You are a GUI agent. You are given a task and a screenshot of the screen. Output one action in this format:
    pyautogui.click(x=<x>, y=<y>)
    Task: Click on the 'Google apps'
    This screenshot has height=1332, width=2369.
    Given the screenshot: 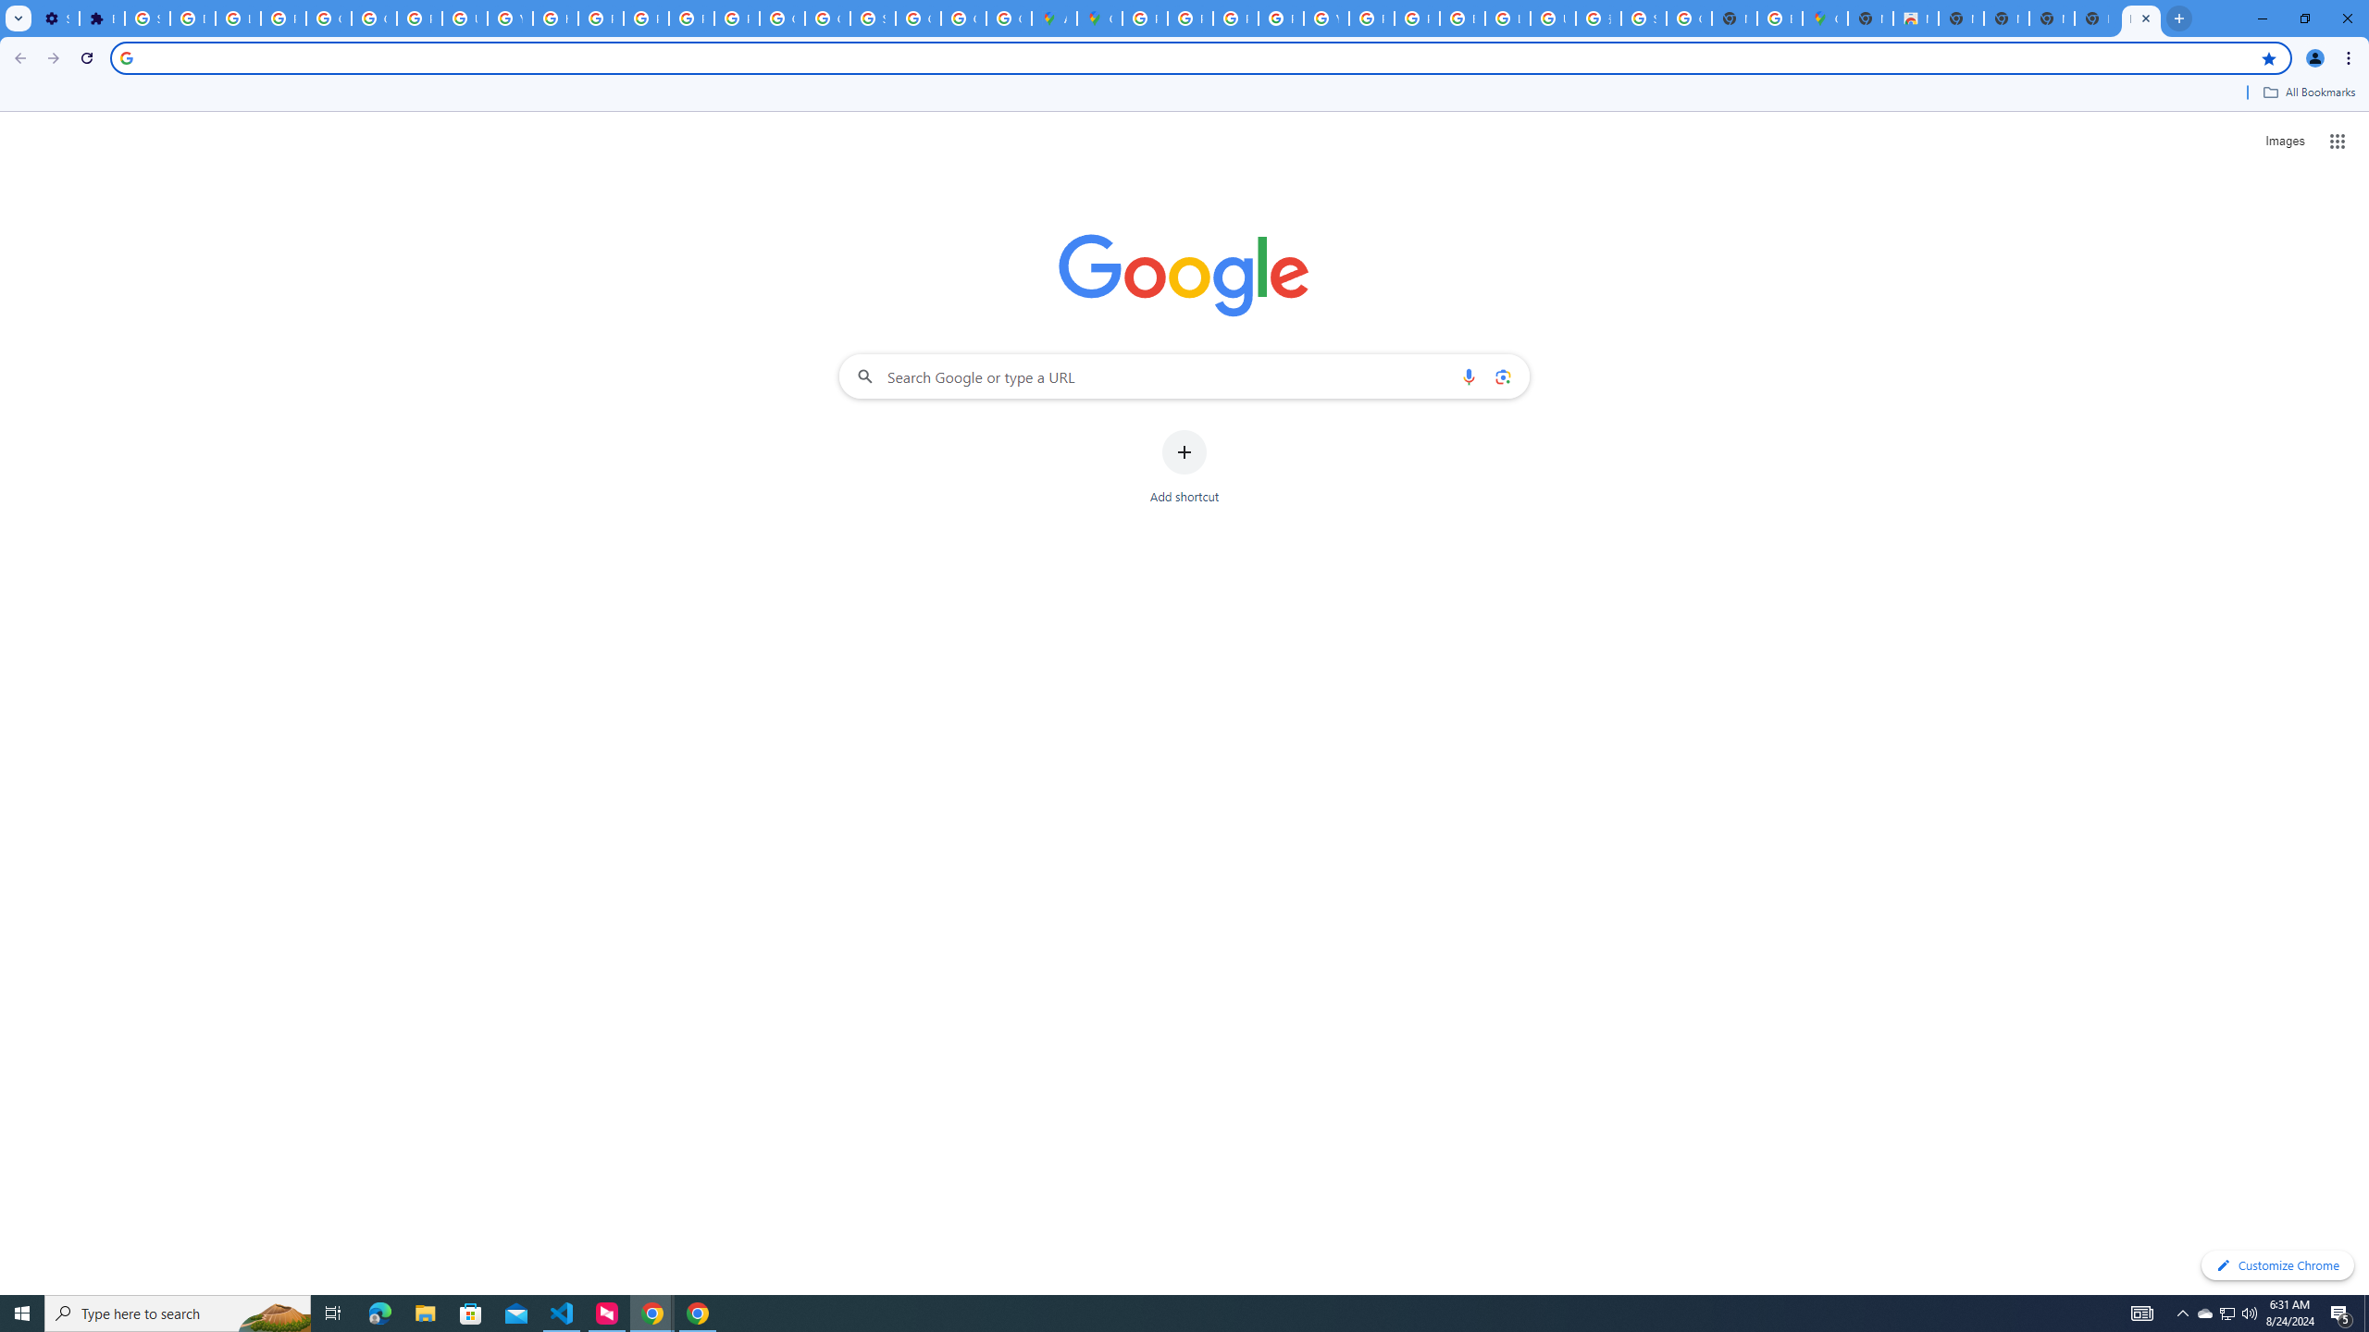 What is the action you would take?
    pyautogui.click(x=2338, y=141)
    